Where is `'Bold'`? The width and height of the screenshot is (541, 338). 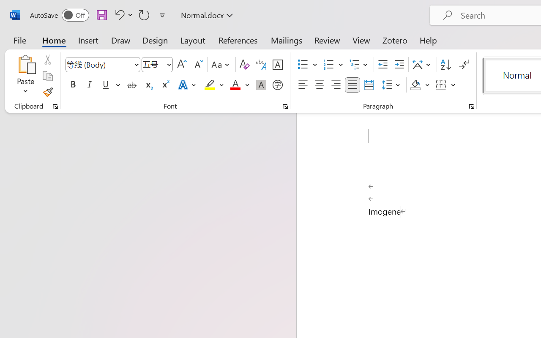
'Bold' is located at coordinates (73, 85).